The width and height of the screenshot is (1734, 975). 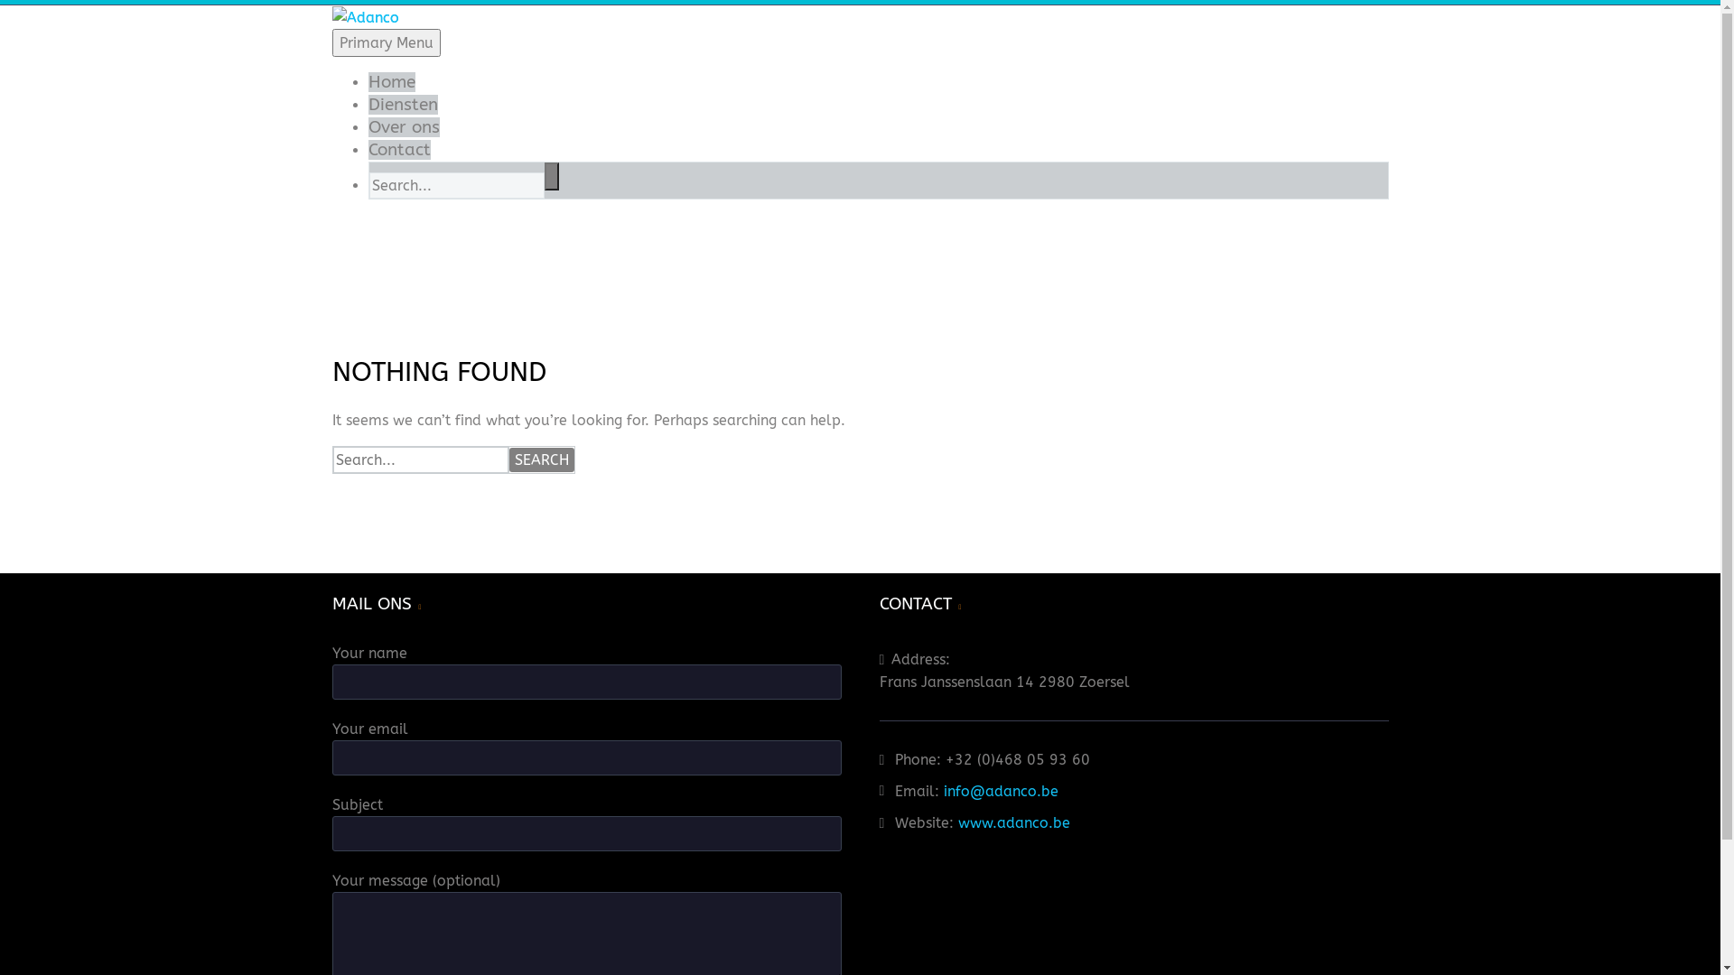 I want to click on 'www.adanco.be', so click(x=1014, y=822).